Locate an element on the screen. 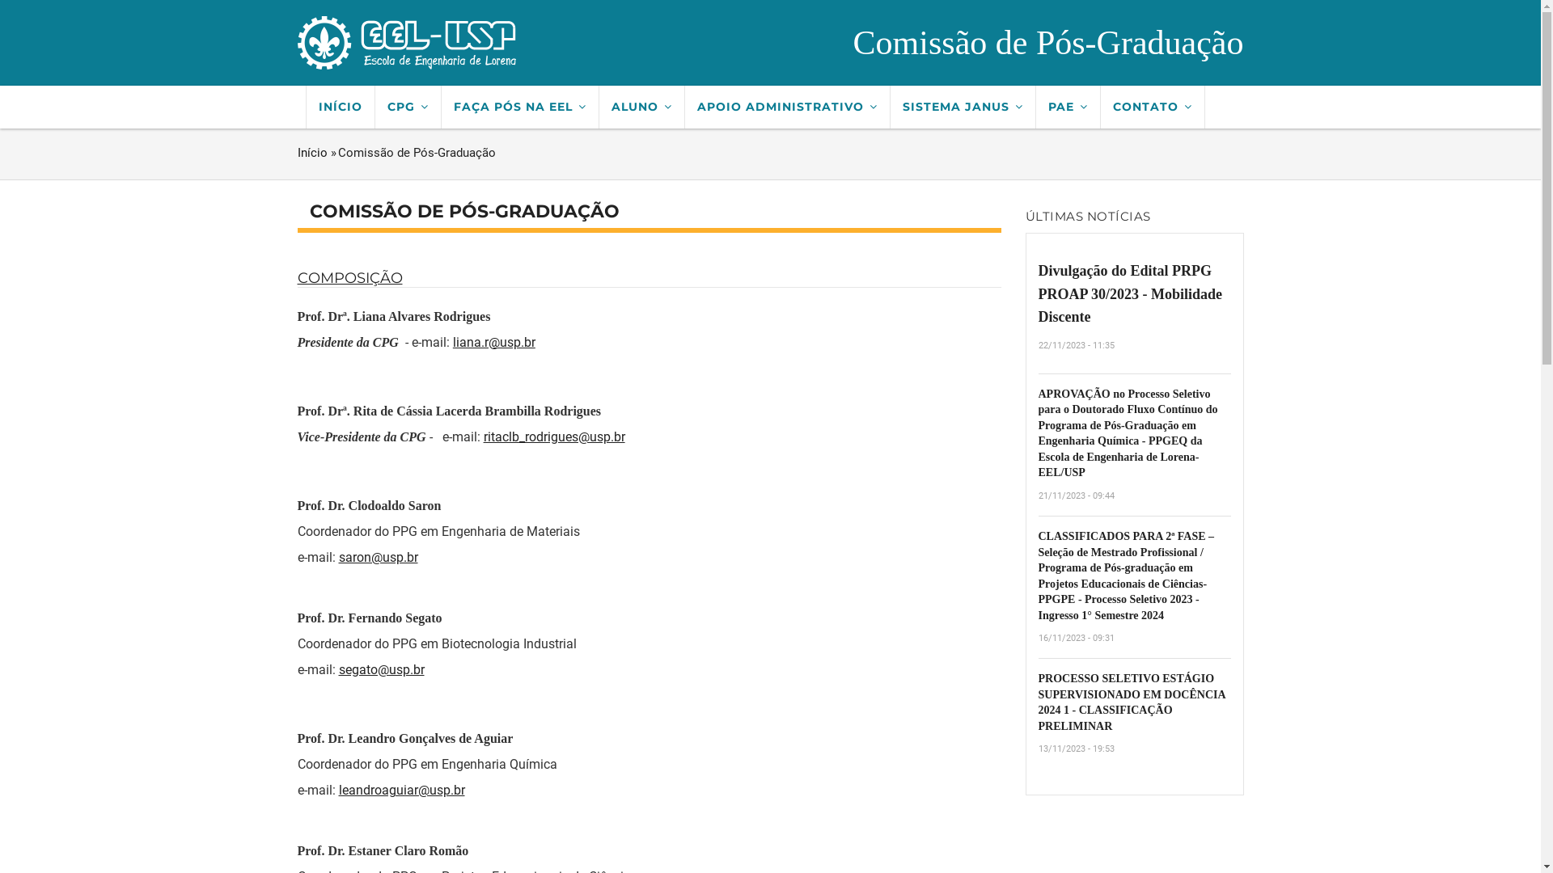 The height and width of the screenshot is (873, 1553). 'liana.r@usp.br' is located at coordinates (453, 341).